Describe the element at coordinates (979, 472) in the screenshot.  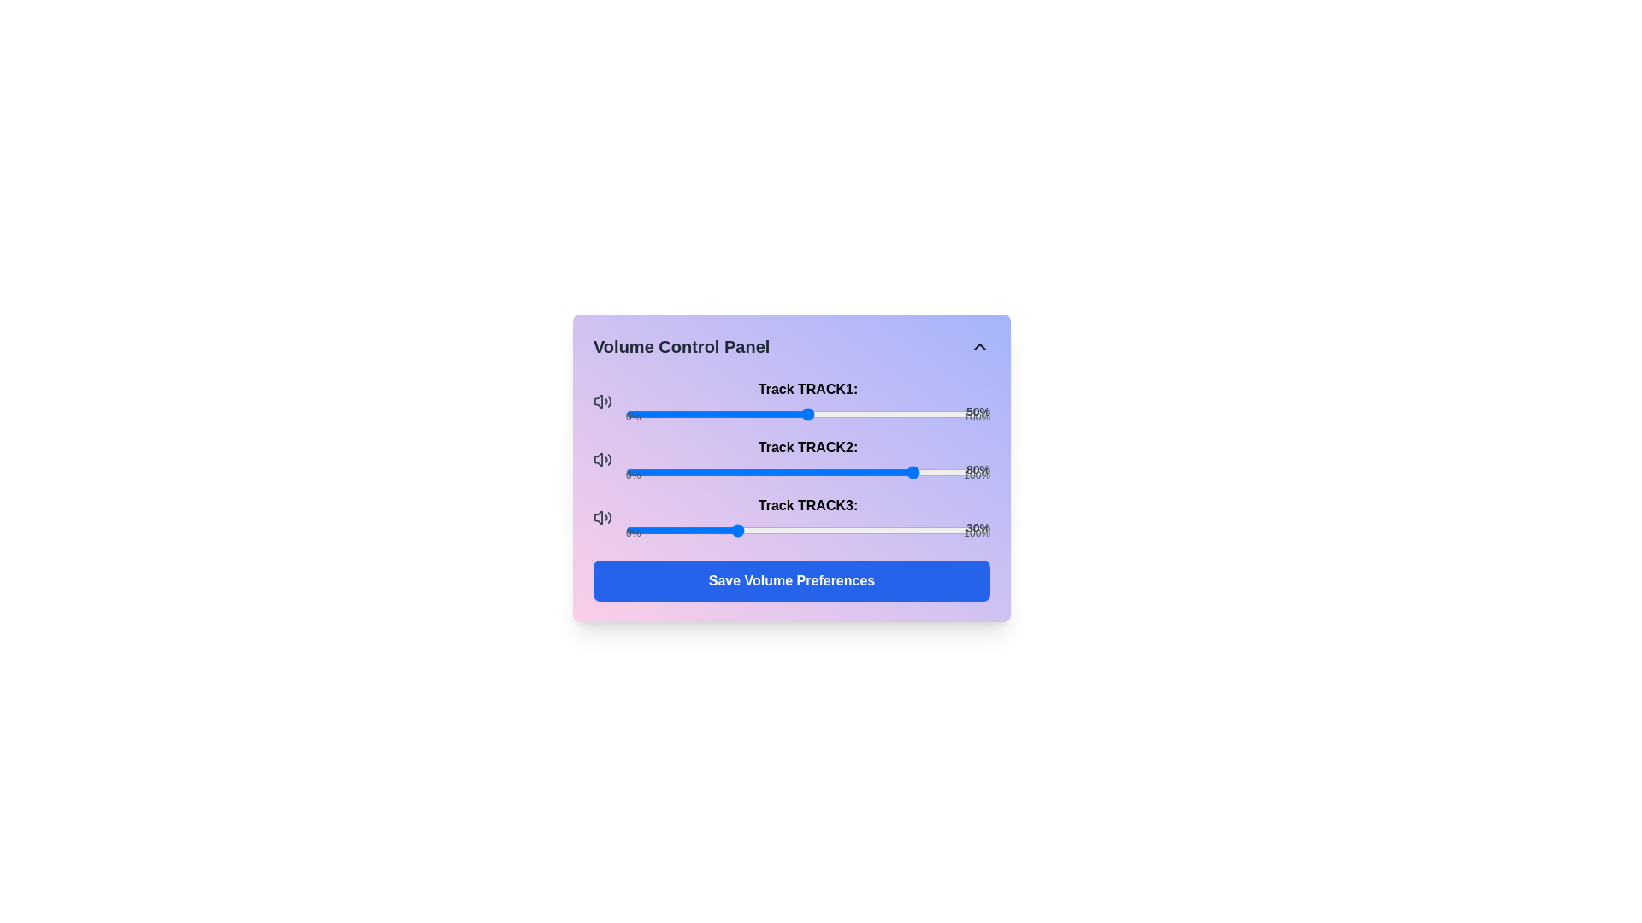
I see `the volume for Track TRACK2` at that location.